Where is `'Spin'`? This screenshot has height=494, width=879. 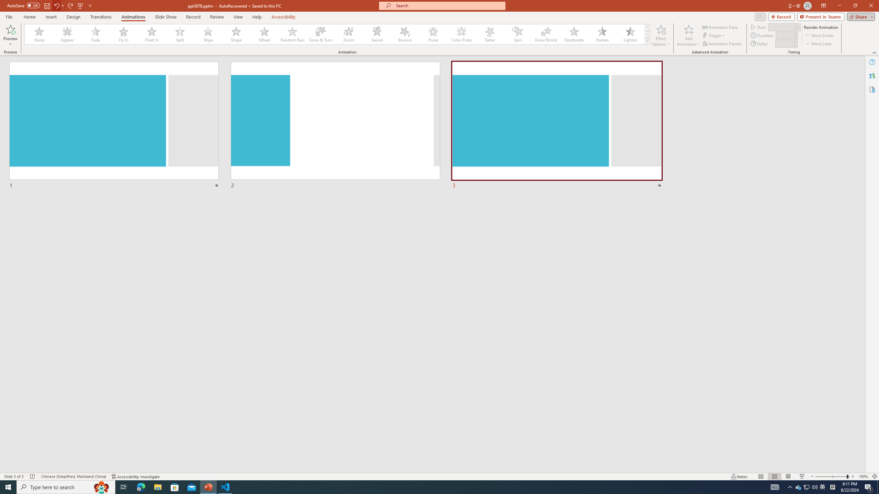 'Spin' is located at coordinates (517, 34).